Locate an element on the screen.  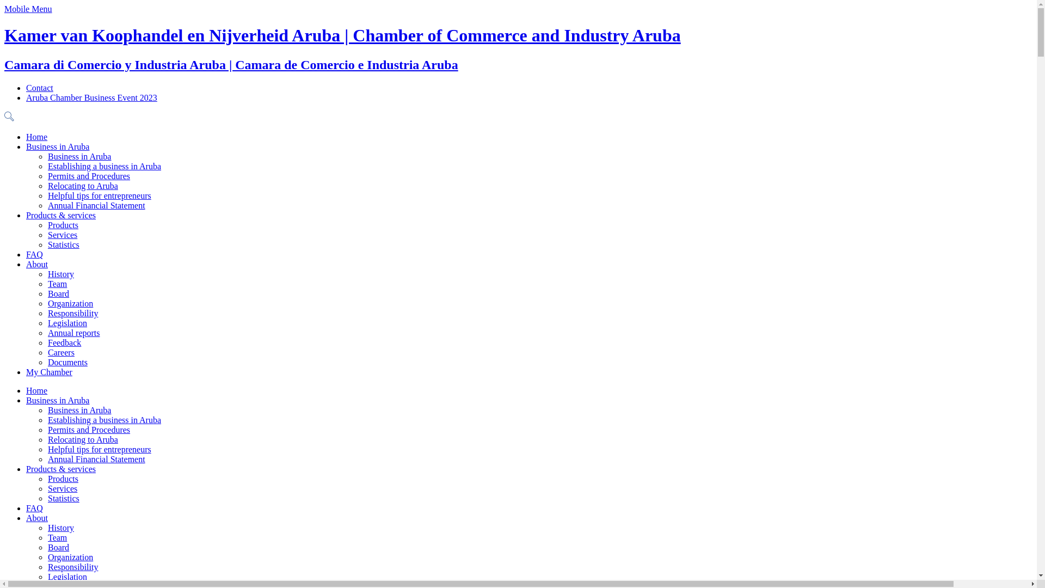
'Home' is located at coordinates (36, 136).